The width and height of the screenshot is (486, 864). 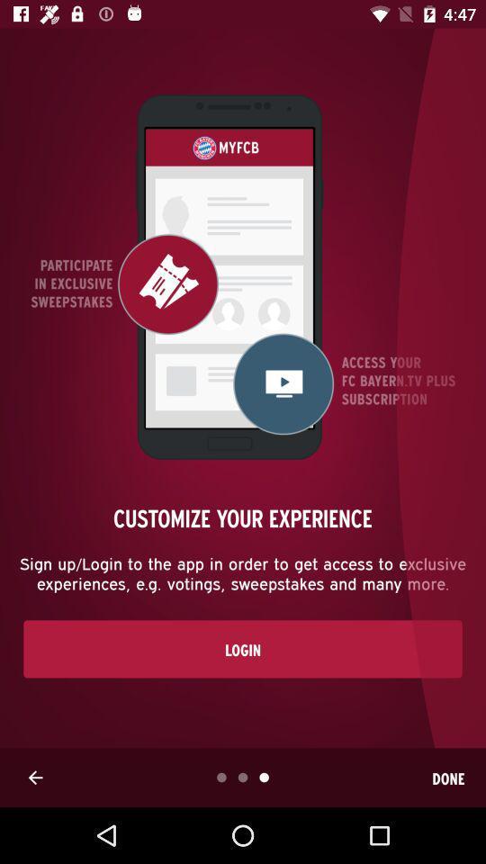 I want to click on the icon next to done, so click(x=35, y=777).